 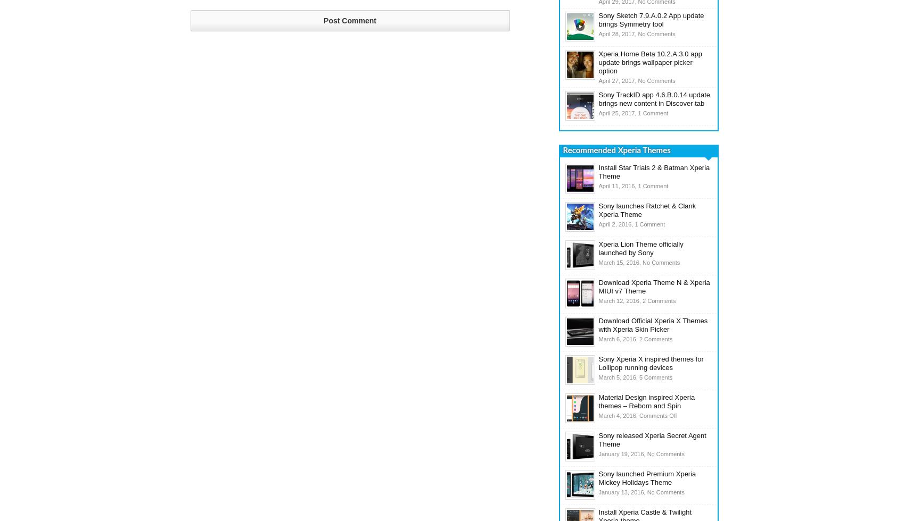 What do you see at coordinates (620, 301) in the screenshot?
I see `'March 12, 2016,'` at bounding box center [620, 301].